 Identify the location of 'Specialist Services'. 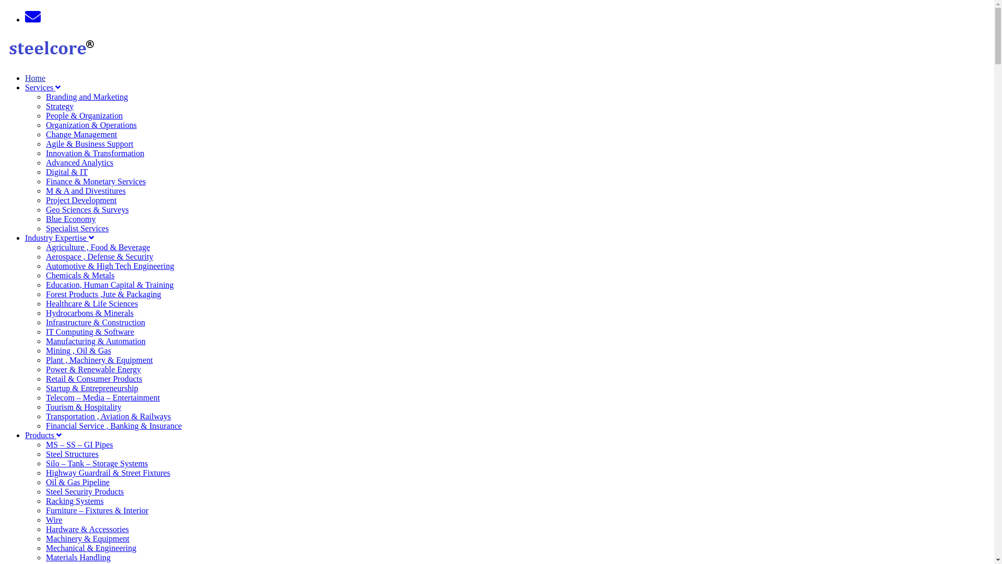
(77, 228).